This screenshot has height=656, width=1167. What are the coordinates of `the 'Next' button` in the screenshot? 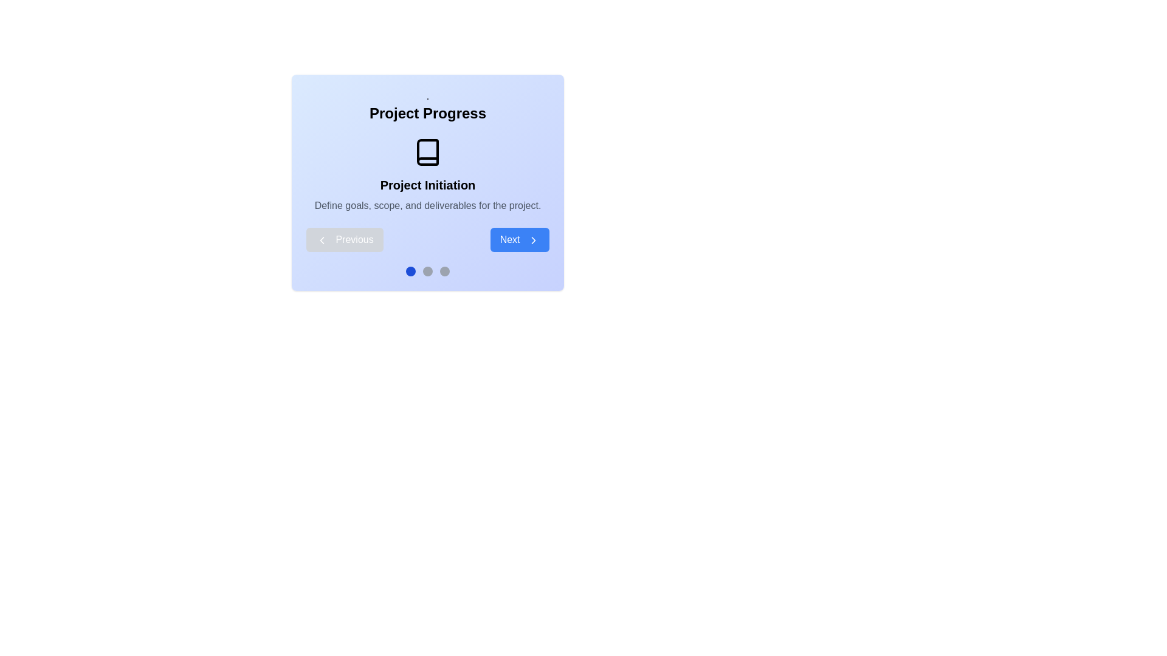 It's located at (520, 239).